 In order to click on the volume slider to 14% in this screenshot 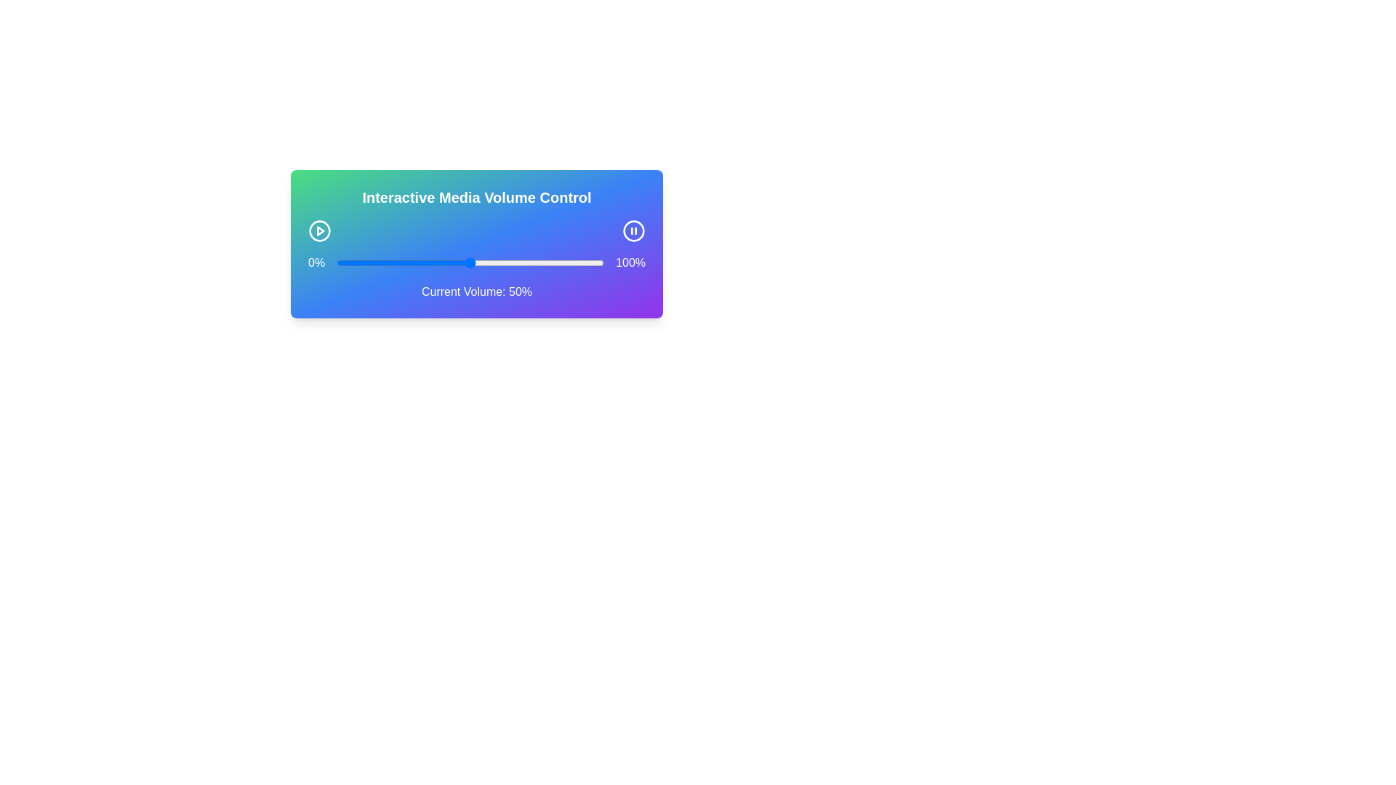, I will do `click(374, 263)`.